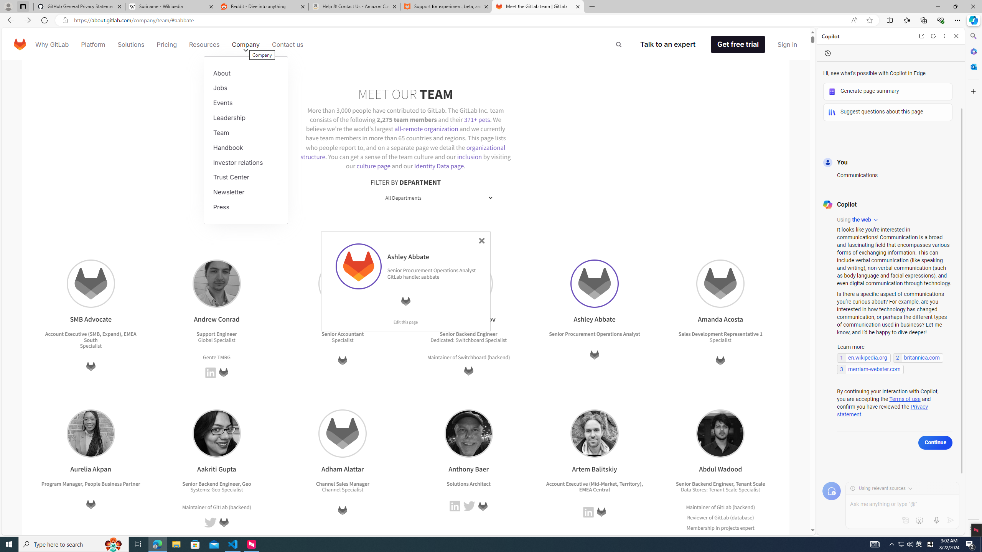 The width and height of the screenshot is (982, 552). Describe the element at coordinates (469, 283) in the screenshot. I see `'Andrey Ruzmanov'` at that location.